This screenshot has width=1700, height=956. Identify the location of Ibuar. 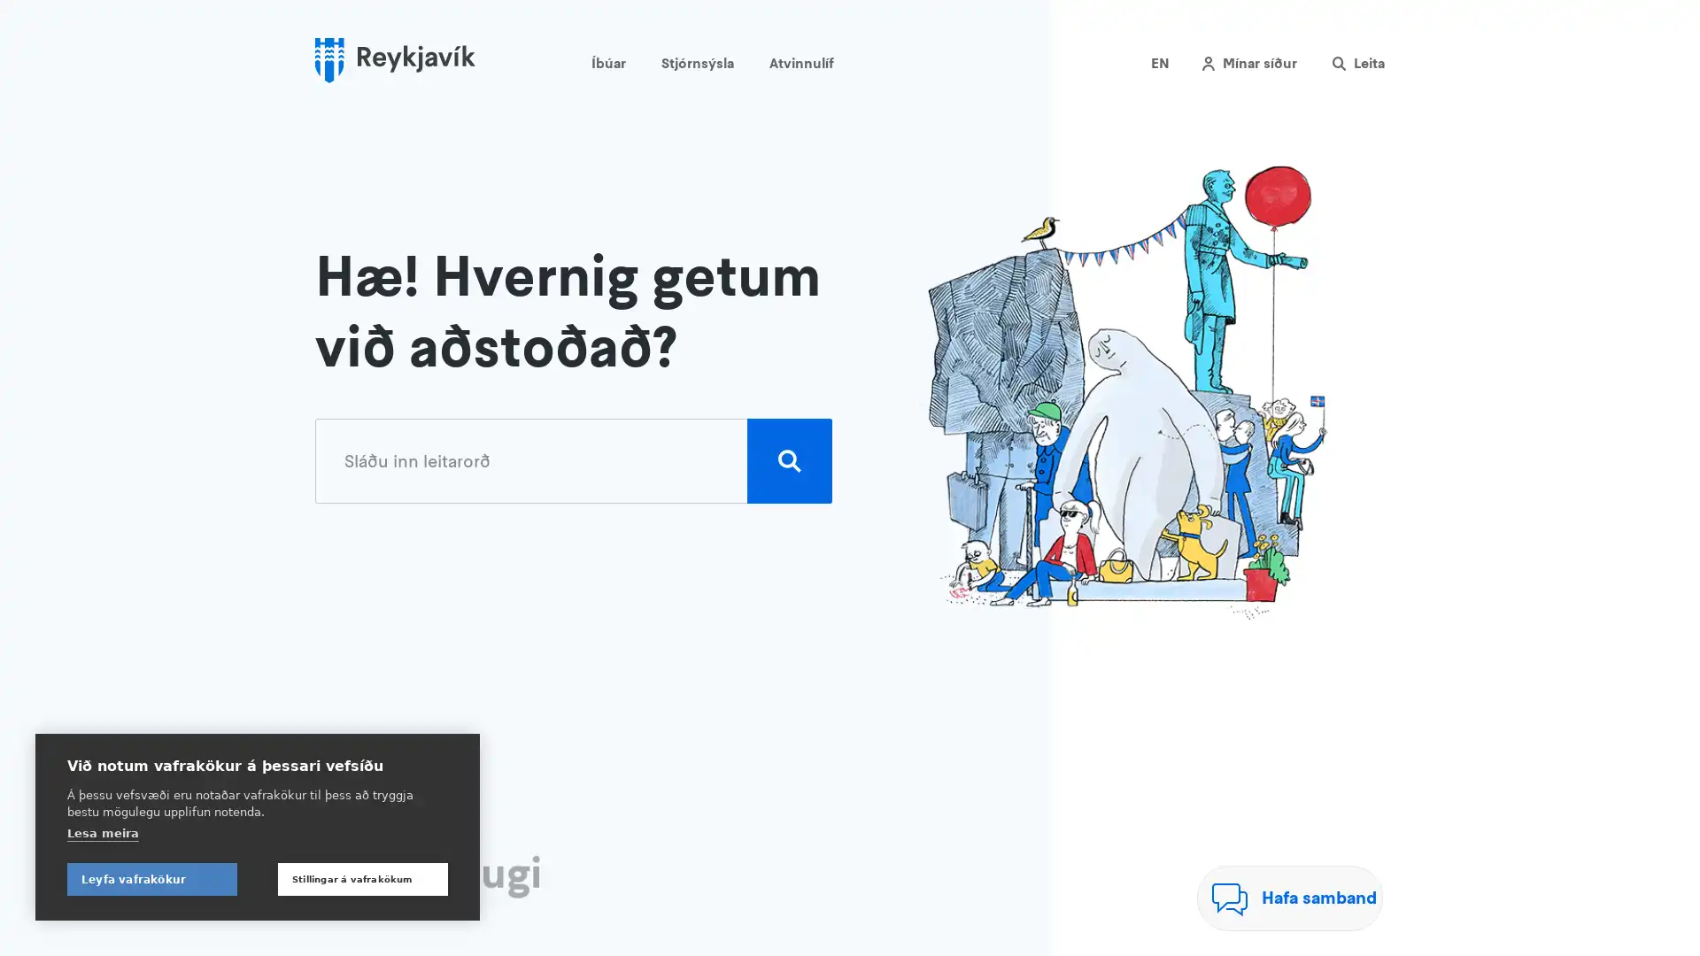
(608, 59).